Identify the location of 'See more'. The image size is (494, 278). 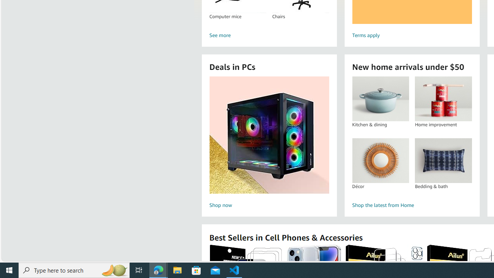
(269, 36).